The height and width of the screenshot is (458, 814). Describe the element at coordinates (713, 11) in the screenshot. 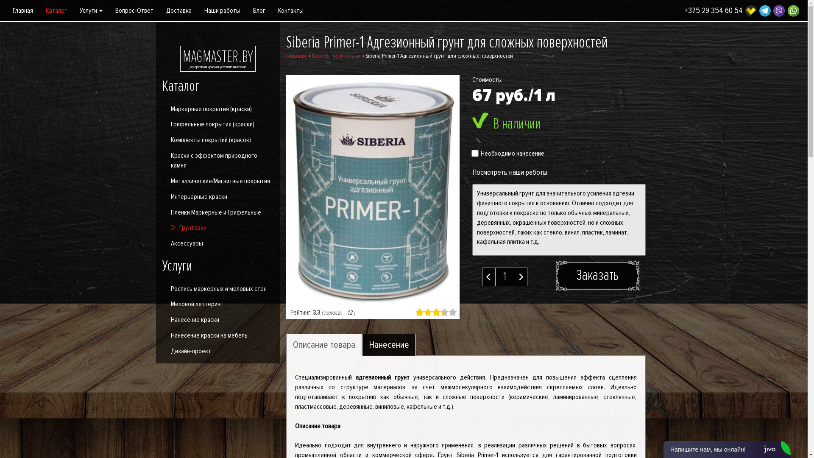

I see `'+375 29 354 60 54'` at that location.